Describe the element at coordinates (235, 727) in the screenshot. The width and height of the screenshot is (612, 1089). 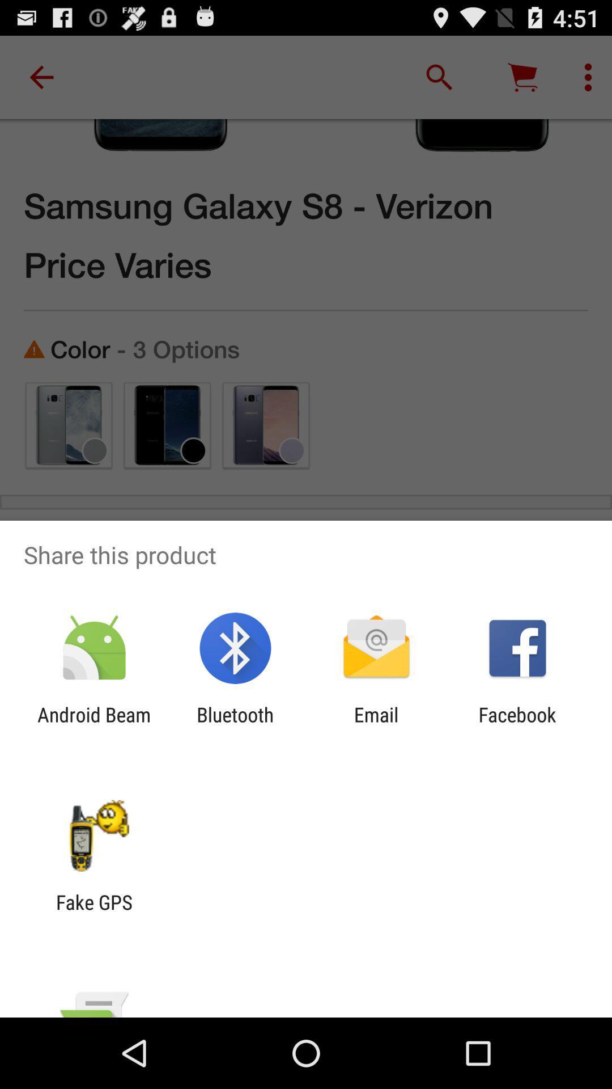
I see `the item next to email` at that location.